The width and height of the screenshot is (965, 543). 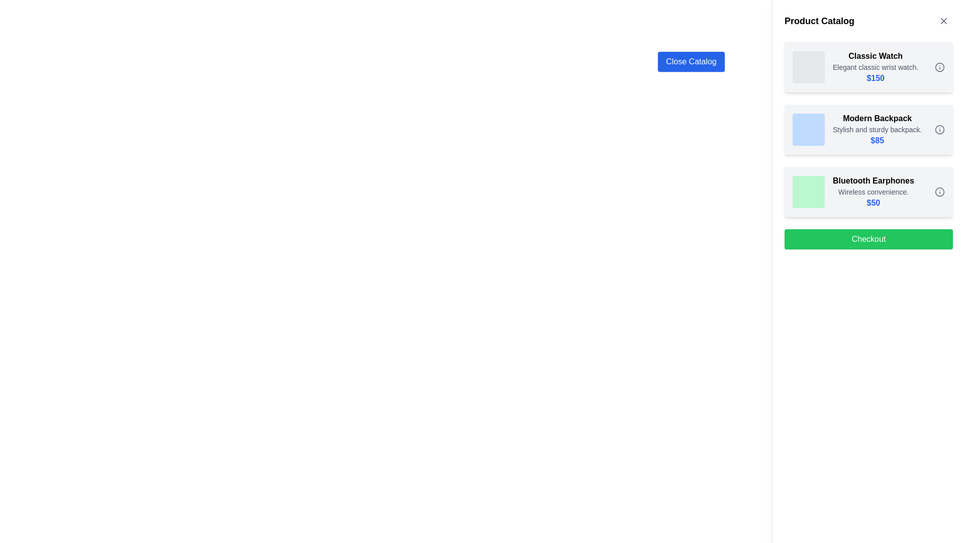 What do you see at coordinates (939, 67) in the screenshot?
I see `the information icon in the top-right corner of the 'Classic Watch' product card` at bounding box center [939, 67].